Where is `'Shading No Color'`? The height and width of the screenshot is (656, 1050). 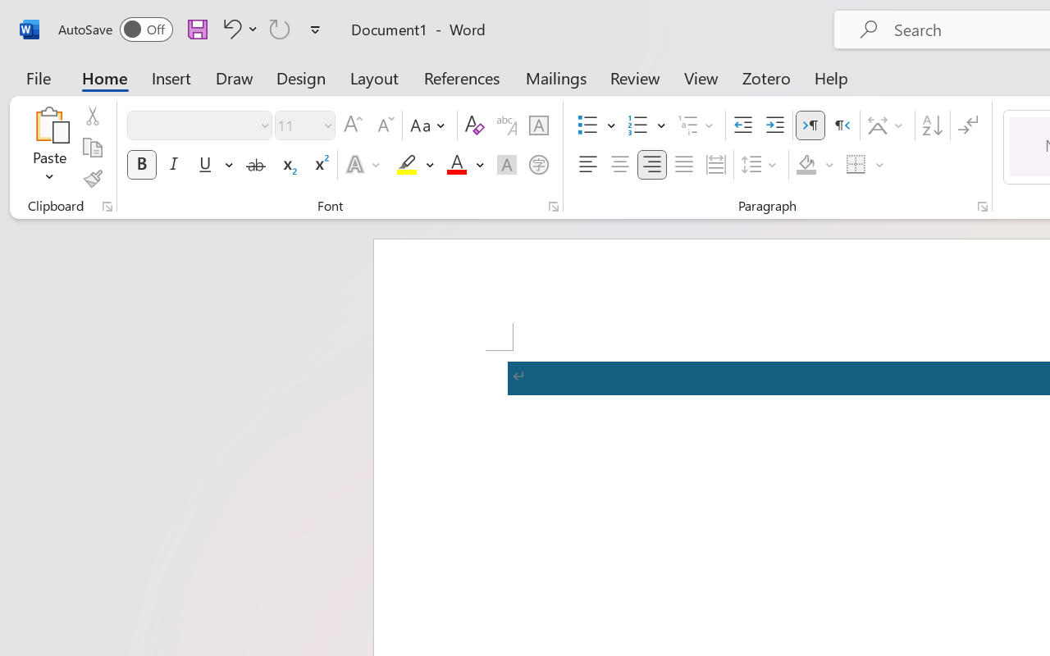
'Shading No Color' is located at coordinates (806, 165).